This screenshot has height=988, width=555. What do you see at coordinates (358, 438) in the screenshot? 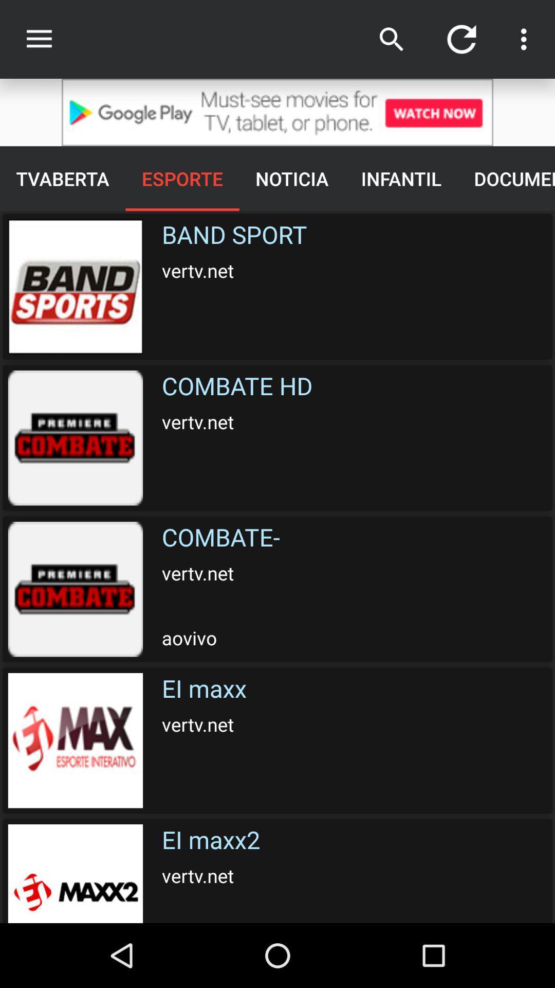
I see `the text below band sport` at bounding box center [358, 438].